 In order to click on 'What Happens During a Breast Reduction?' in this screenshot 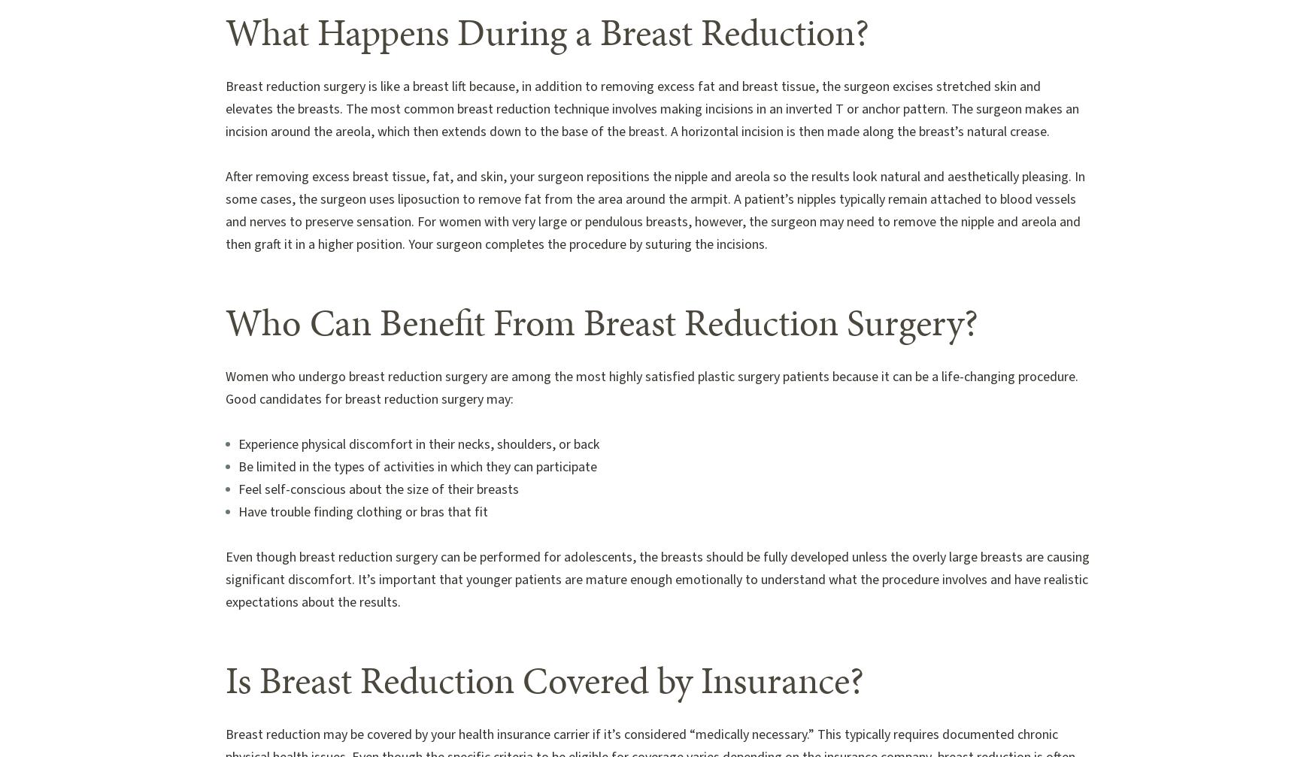, I will do `click(547, 32)`.